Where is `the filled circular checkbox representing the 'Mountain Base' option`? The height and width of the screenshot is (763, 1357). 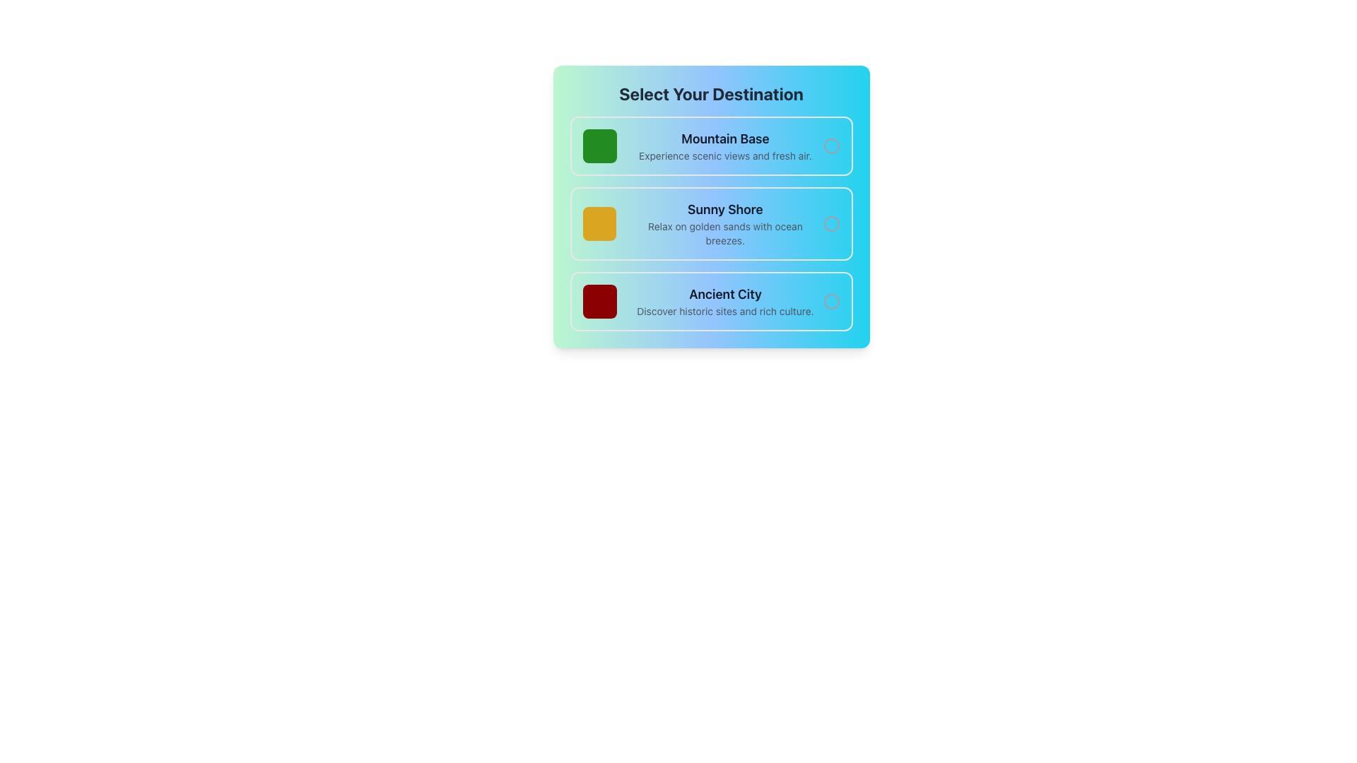
the filled circular checkbox representing the 'Mountain Base' option is located at coordinates (831, 146).